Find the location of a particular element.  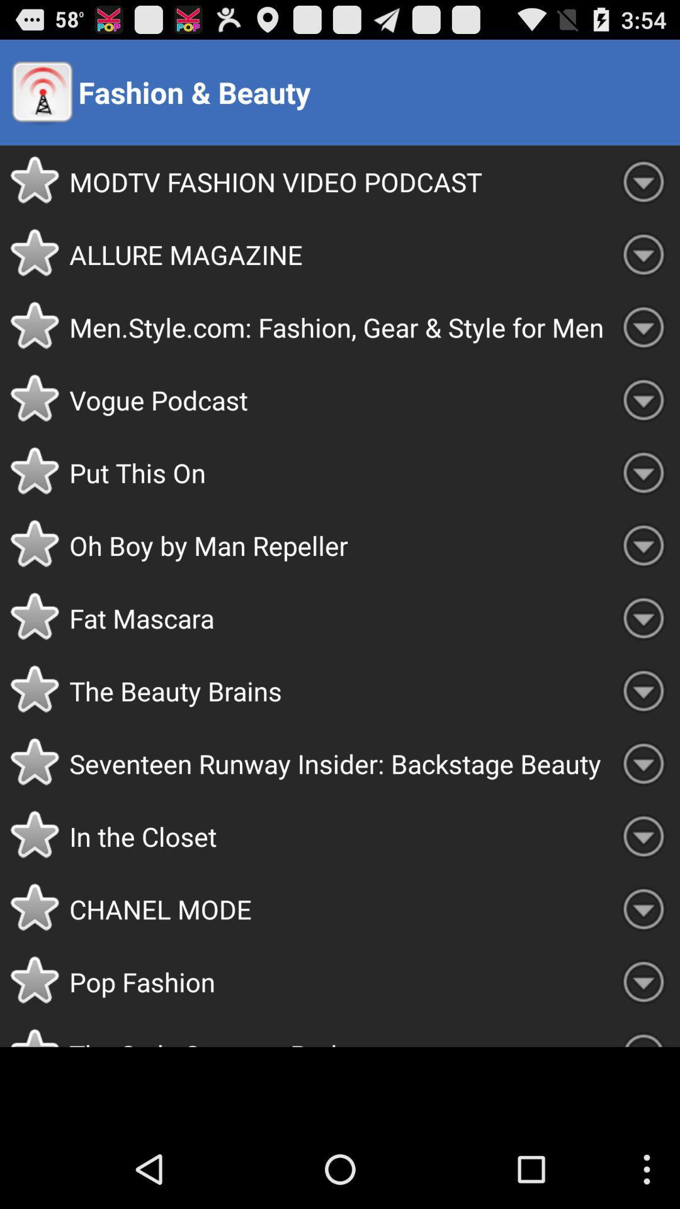

the put this on item is located at coordinates (337, 472).